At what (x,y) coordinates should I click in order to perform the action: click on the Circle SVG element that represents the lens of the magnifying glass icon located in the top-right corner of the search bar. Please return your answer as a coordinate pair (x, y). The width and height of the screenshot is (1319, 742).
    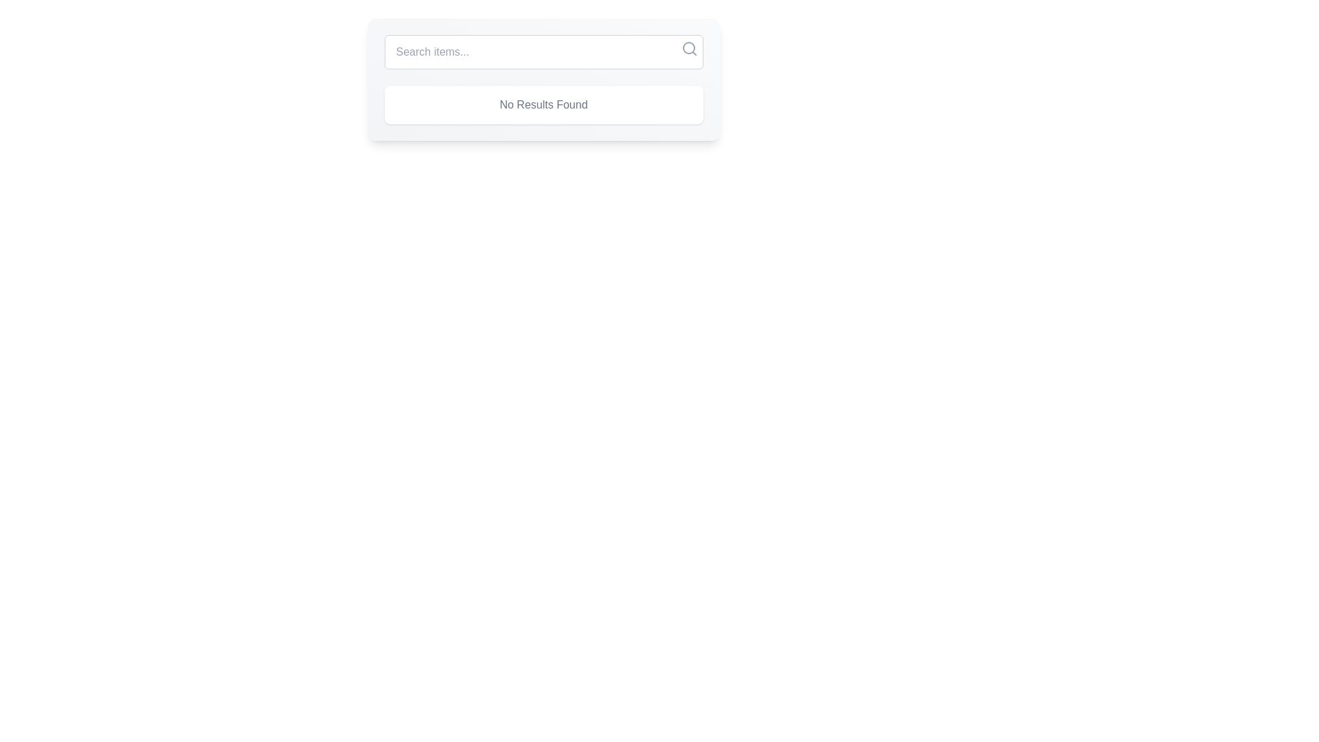
    Looking at the image, I should click on (688, 47).